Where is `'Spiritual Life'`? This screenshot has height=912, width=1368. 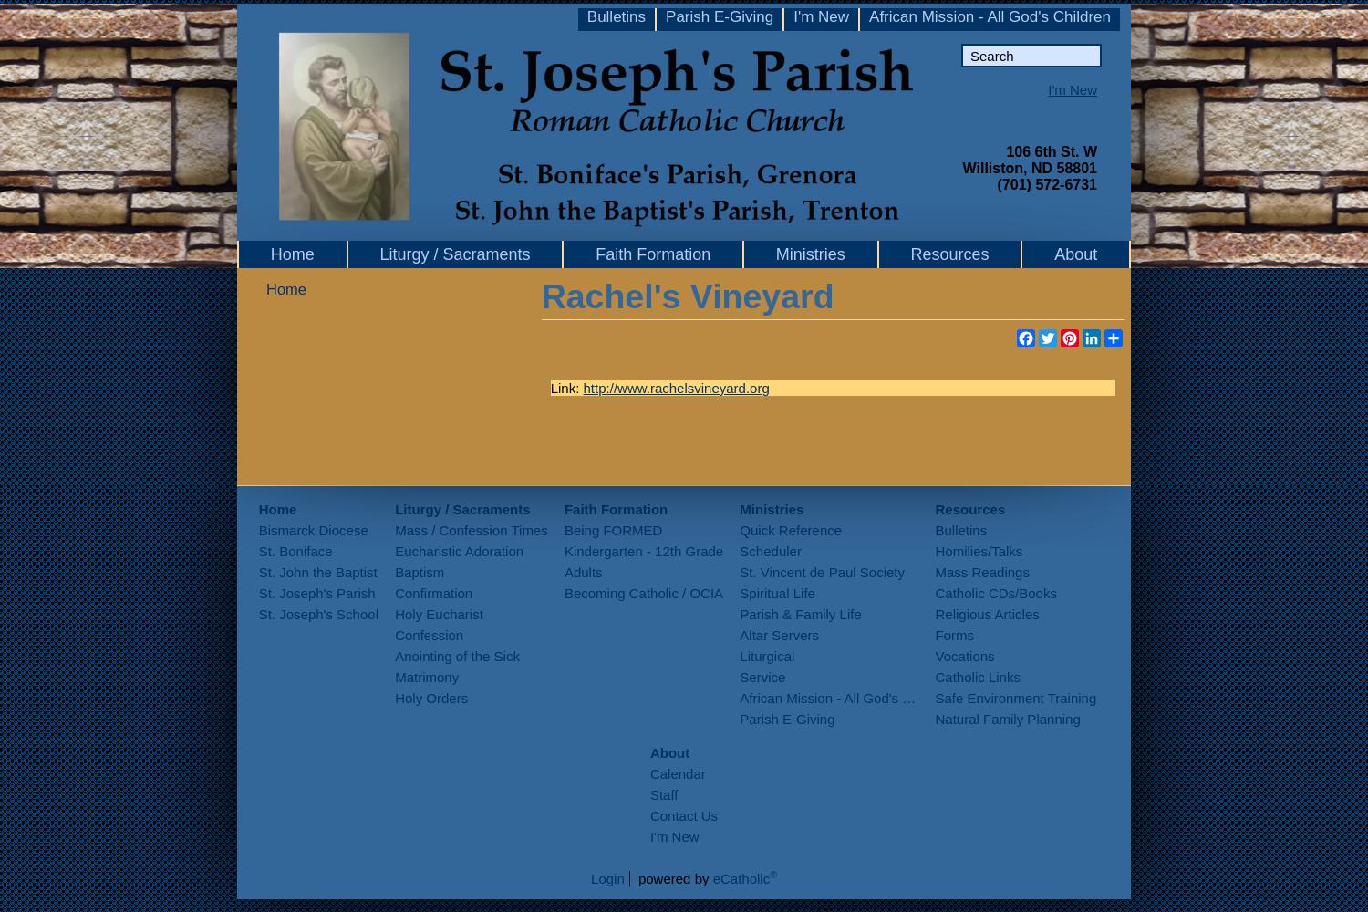 'Spiritual Life' is located at coordinates (775, 593).